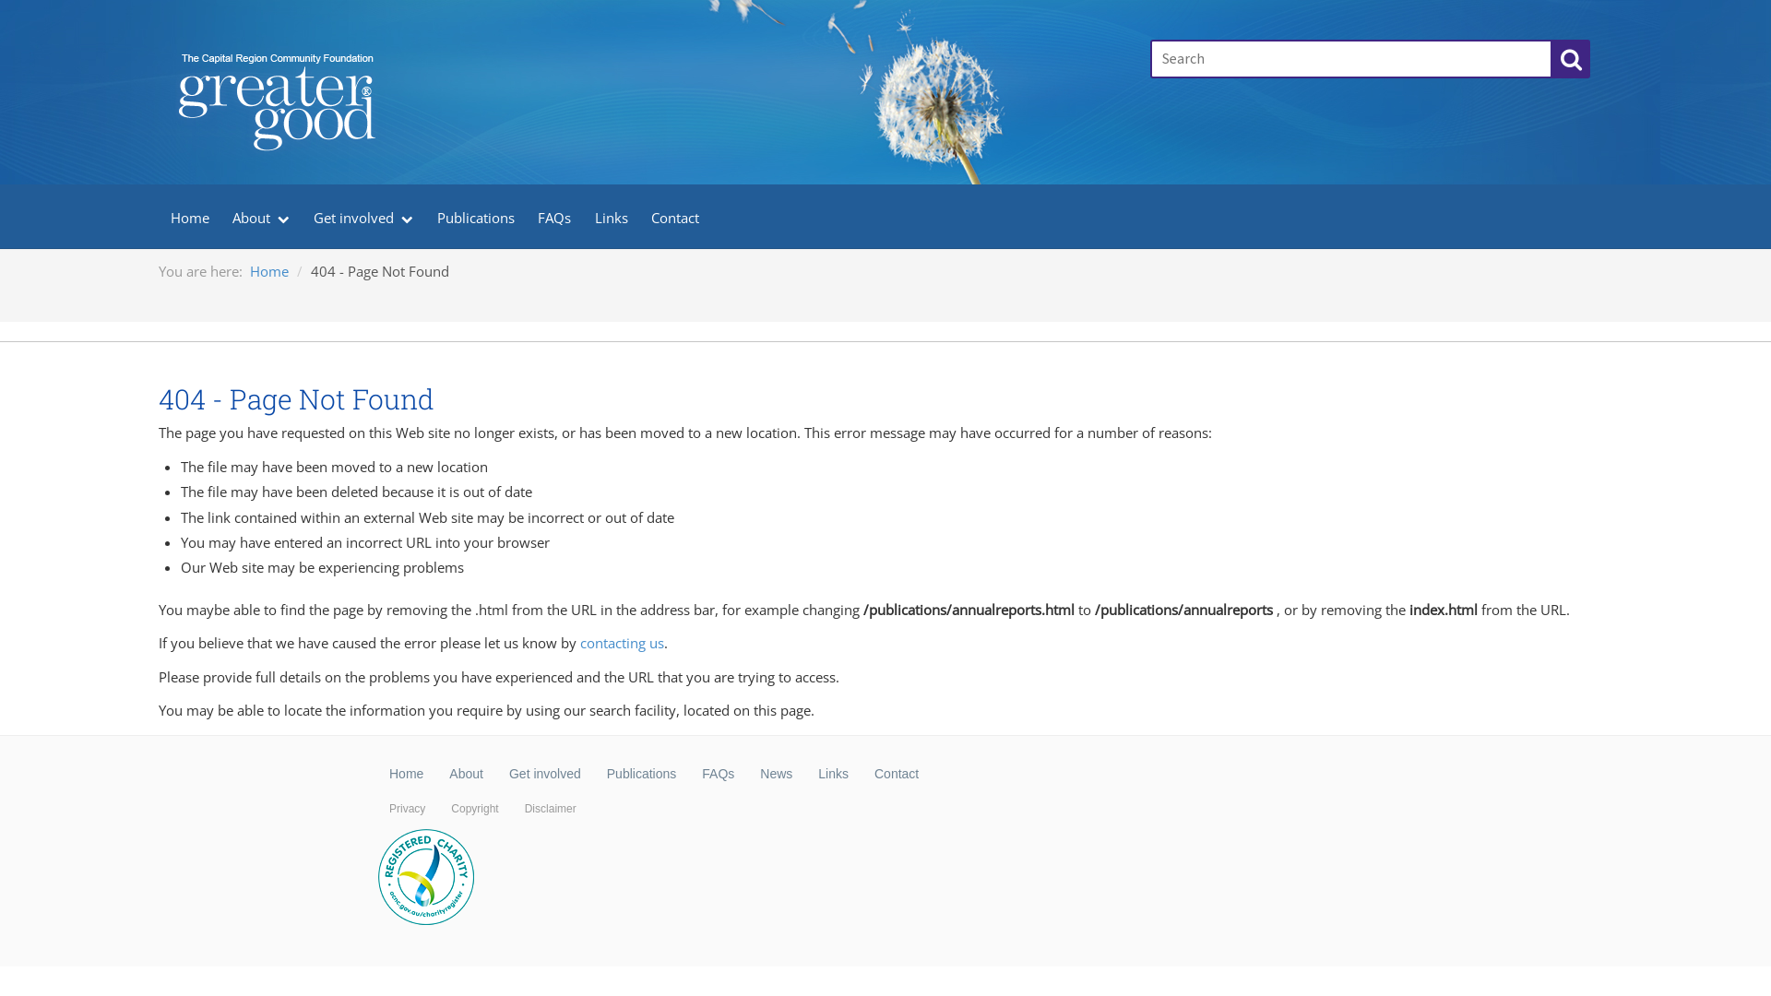 This screenshot has height=996, width=1771. Describe the element at coordinates (260, 215) in the screenshot. I see `'About'` at that location.